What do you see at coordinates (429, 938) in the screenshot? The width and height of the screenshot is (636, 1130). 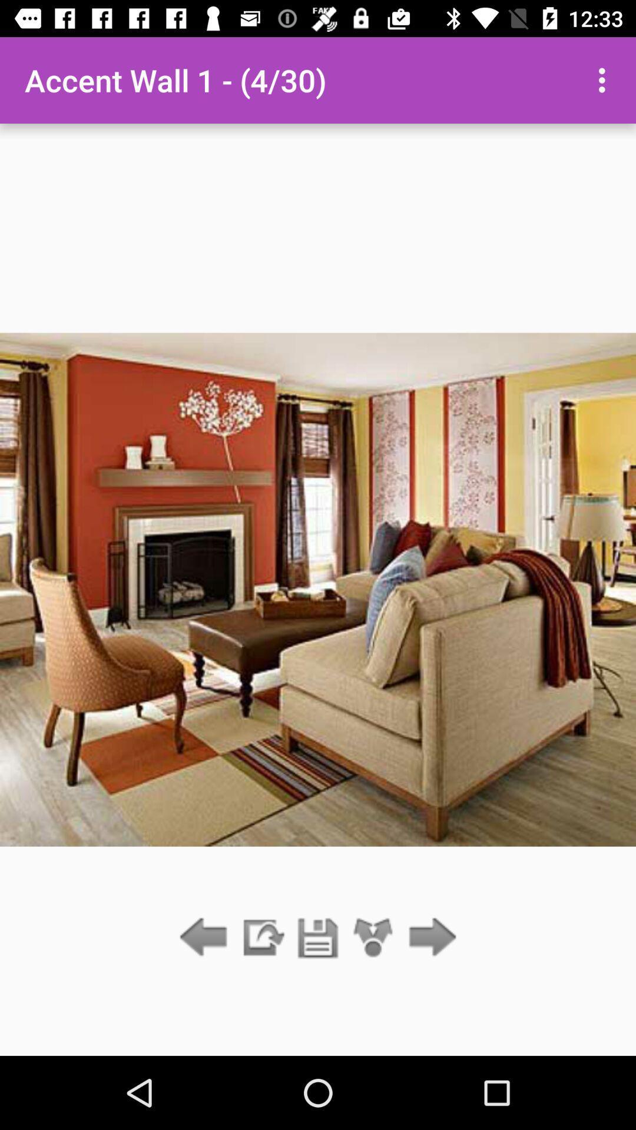 I see `next screen` at bounding box center [429, 938].